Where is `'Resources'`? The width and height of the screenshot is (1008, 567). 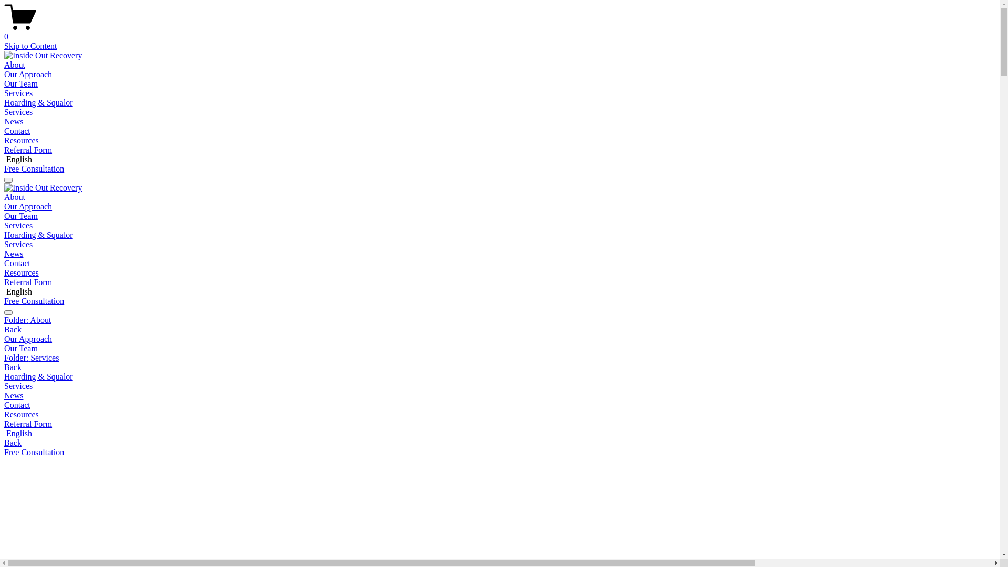 'Resources' is located at coordinates (499, 414).